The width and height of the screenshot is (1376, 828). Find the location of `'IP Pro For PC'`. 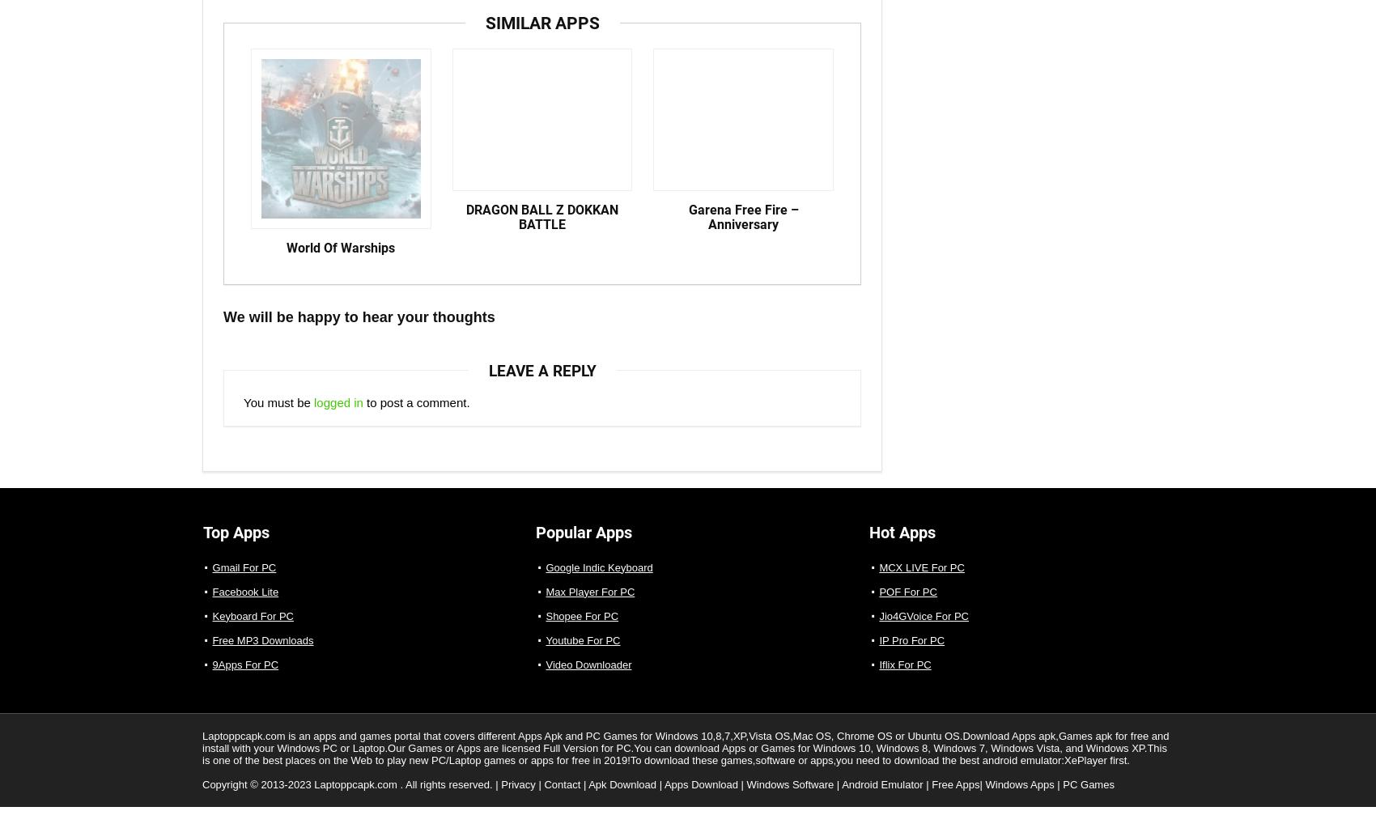

'IP Pro For PC' is located at coordinates (878, 654).